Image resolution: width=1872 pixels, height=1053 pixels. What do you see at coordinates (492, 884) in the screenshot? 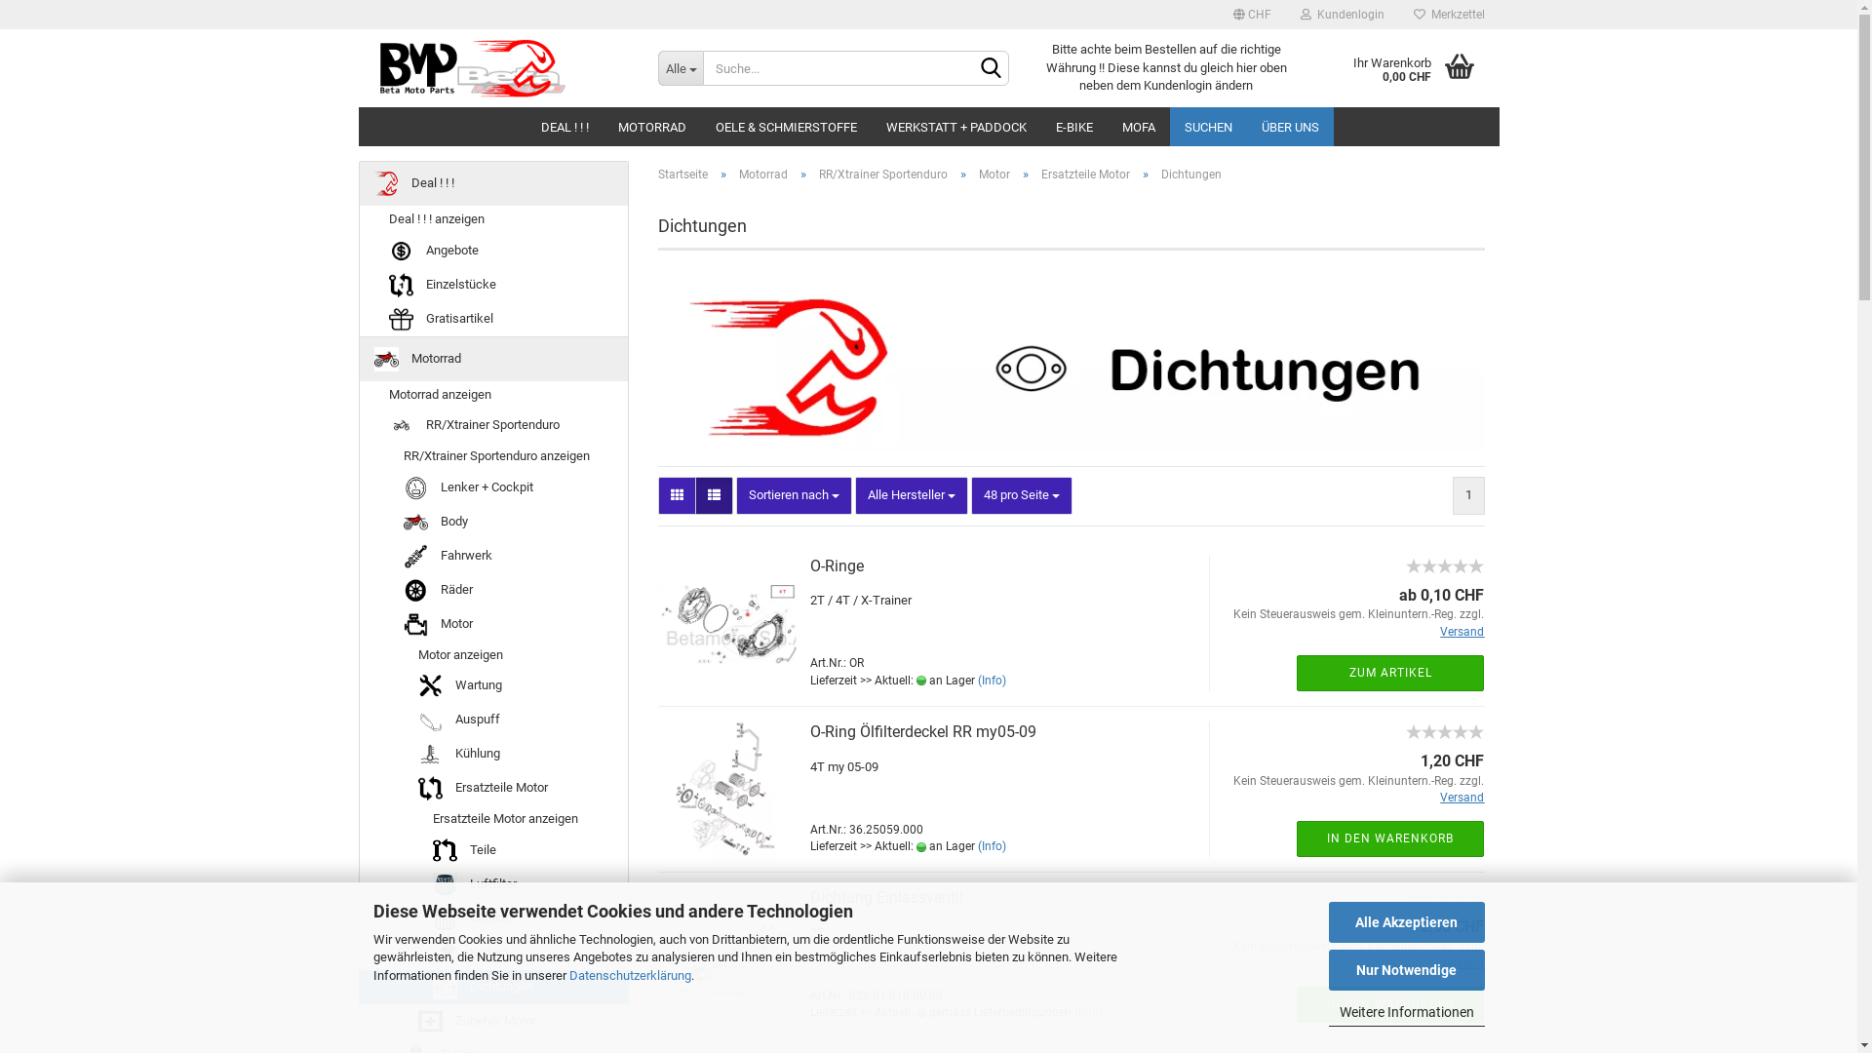
I see `'Luftfilter'` at bounding box center [492, 884].